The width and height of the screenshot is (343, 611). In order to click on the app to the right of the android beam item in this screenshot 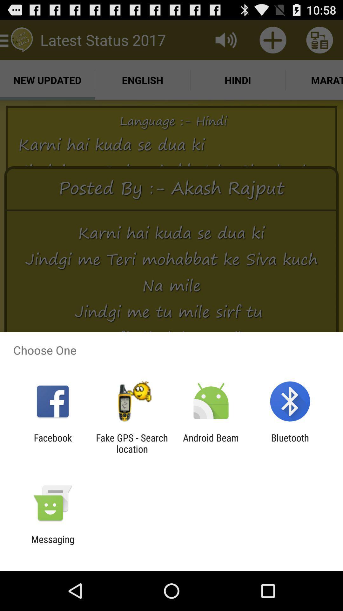, I will do `click(290, 443)`.